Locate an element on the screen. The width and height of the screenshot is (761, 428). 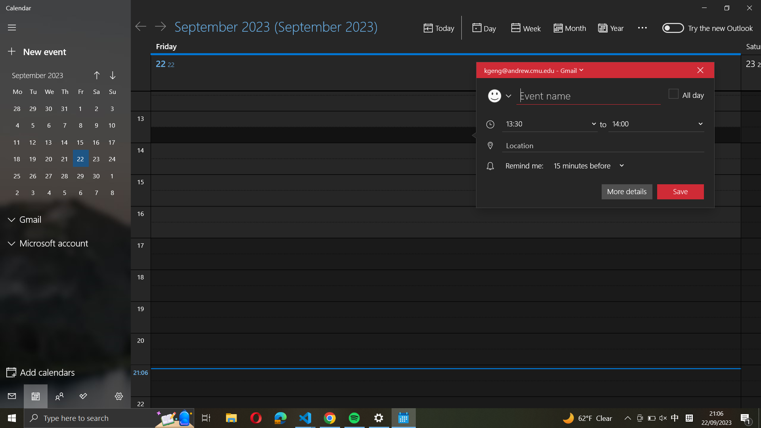
the year"s calendar is located at coordinates (612, 27).